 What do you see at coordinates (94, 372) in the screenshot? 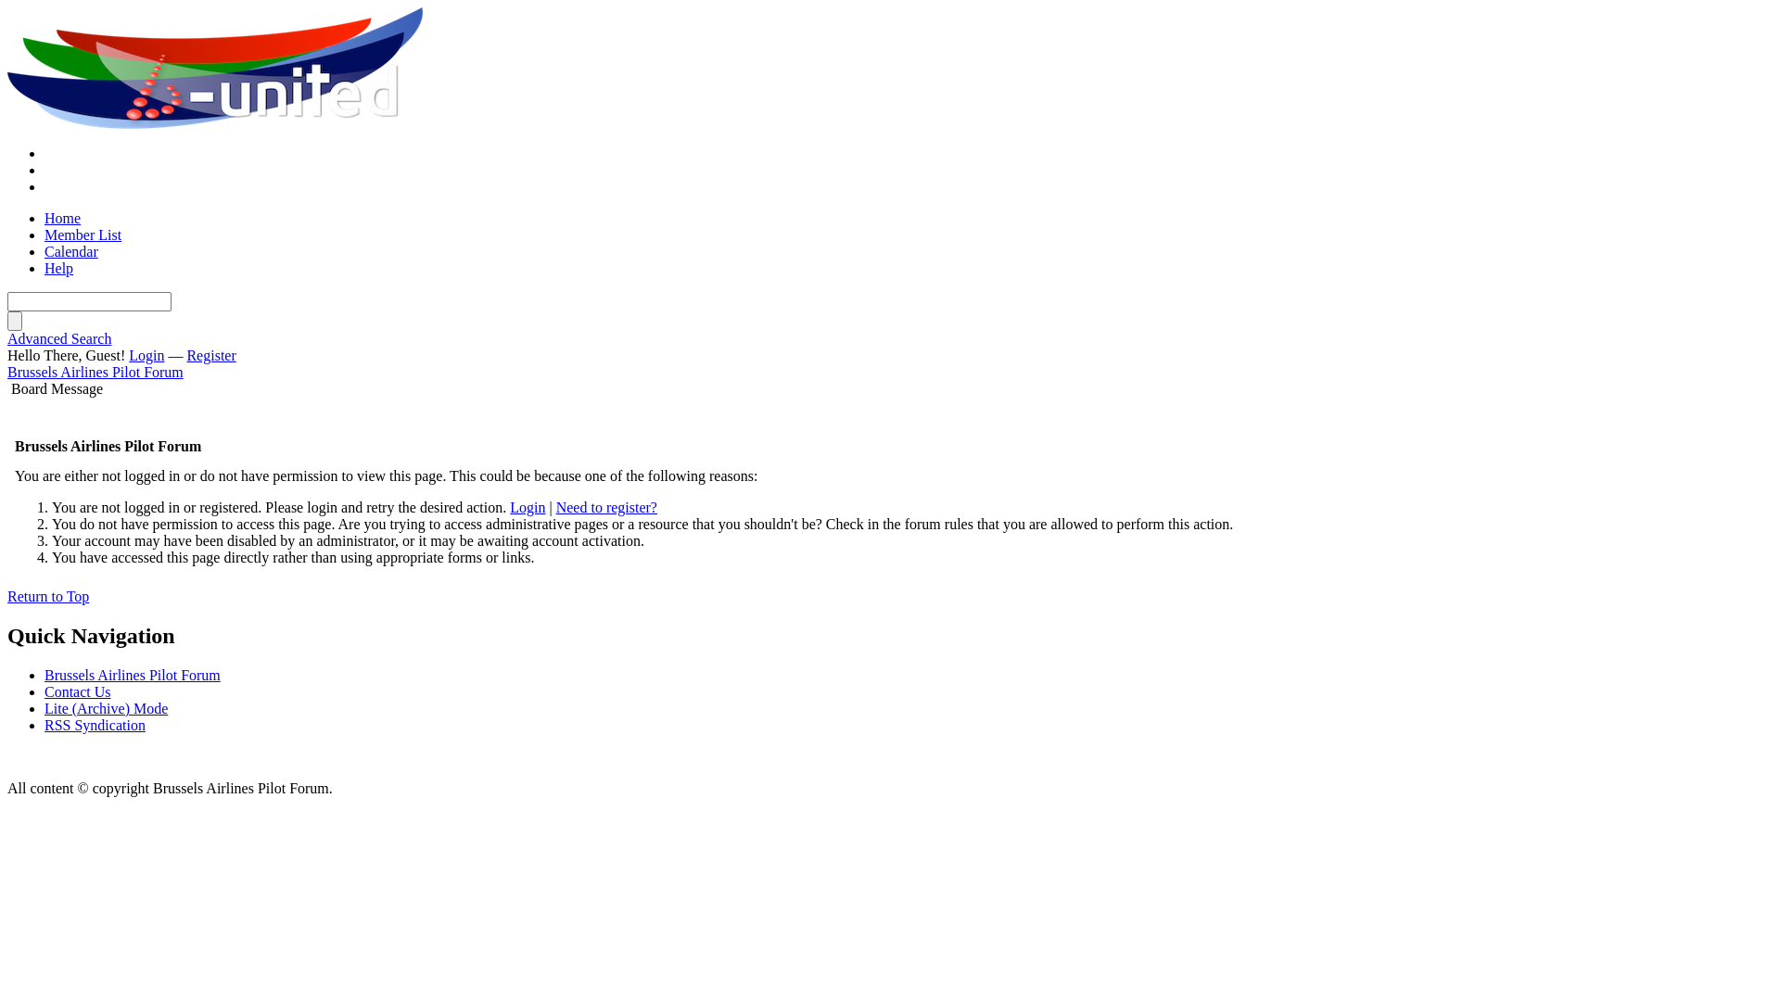
I see `'Brussels Airlines Pilot Forum'` at bounding box center [94, 372].